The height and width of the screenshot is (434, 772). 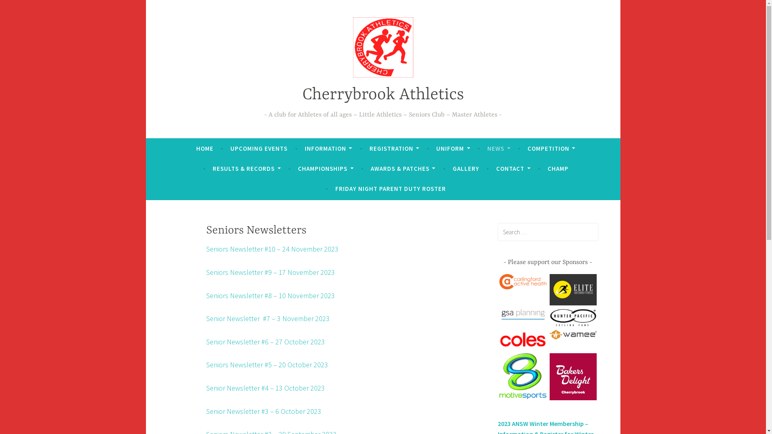 I want to click on 'GALLERY', so click(x=453, y=168).